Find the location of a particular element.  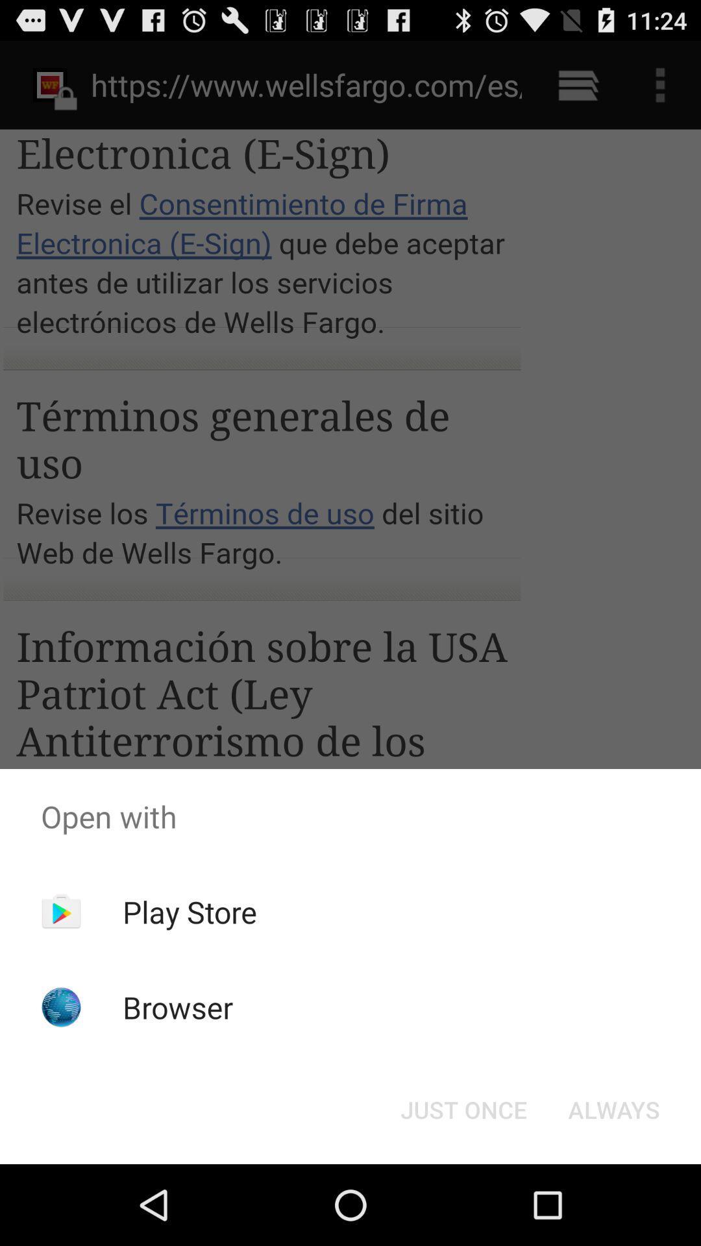

button to the left of always is located at coordinates (463, 1108).